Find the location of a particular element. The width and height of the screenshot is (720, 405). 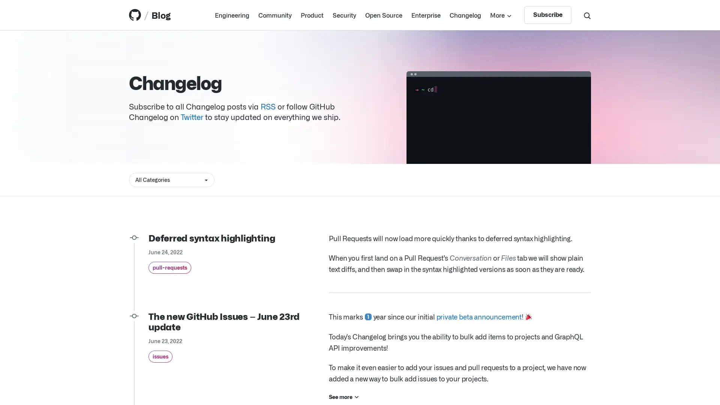

Search toggle is located at coordinates (586, 14).